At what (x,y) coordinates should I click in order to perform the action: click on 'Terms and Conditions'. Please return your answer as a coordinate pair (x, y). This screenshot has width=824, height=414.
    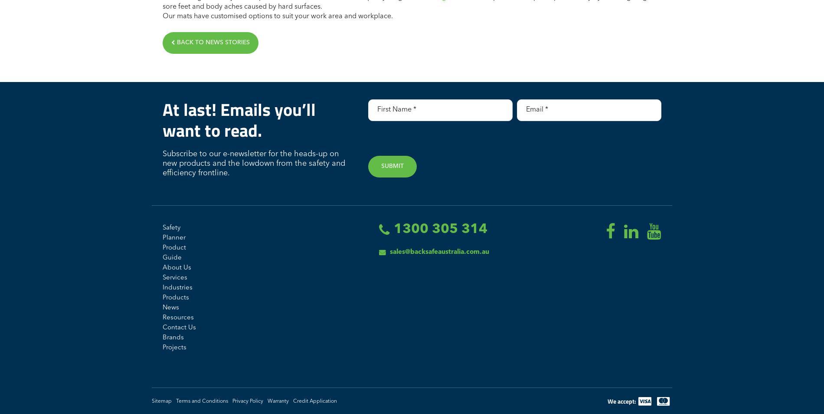
    Looking at the image, I should click on (202, 401).